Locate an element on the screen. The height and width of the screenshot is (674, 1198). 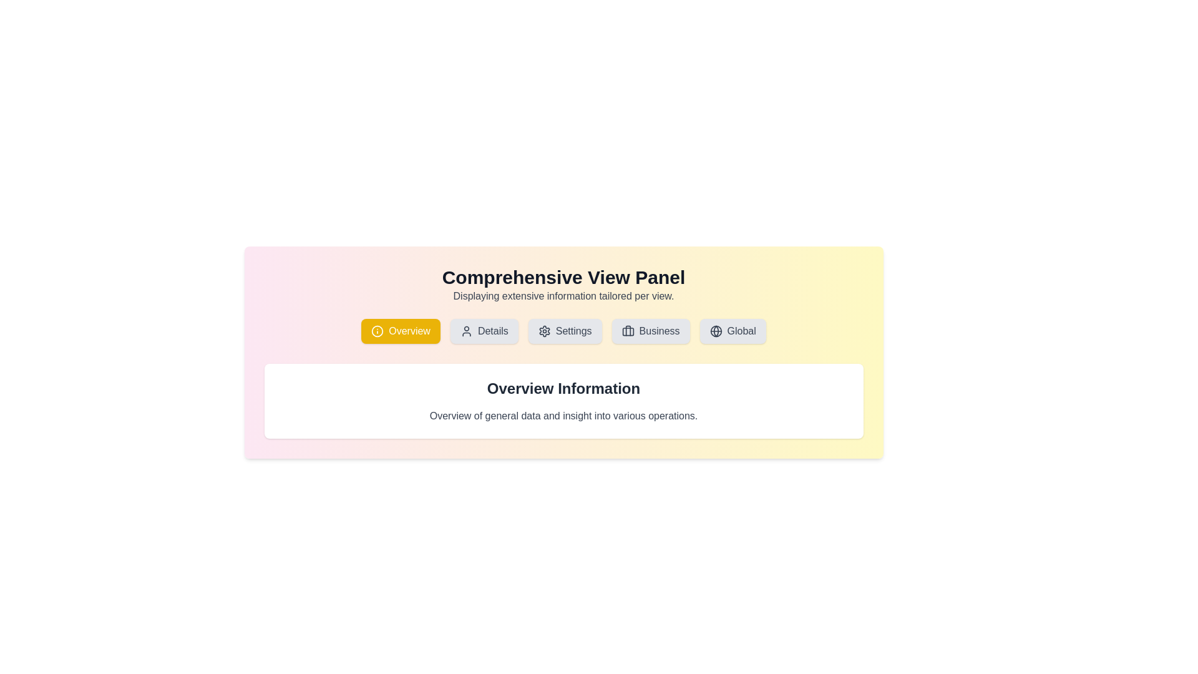
the 'Details' button, which has a light gray background and rounded edges, positioned between the 'Overview' and 'Settings' buttons is located at coordinates (484, 331).